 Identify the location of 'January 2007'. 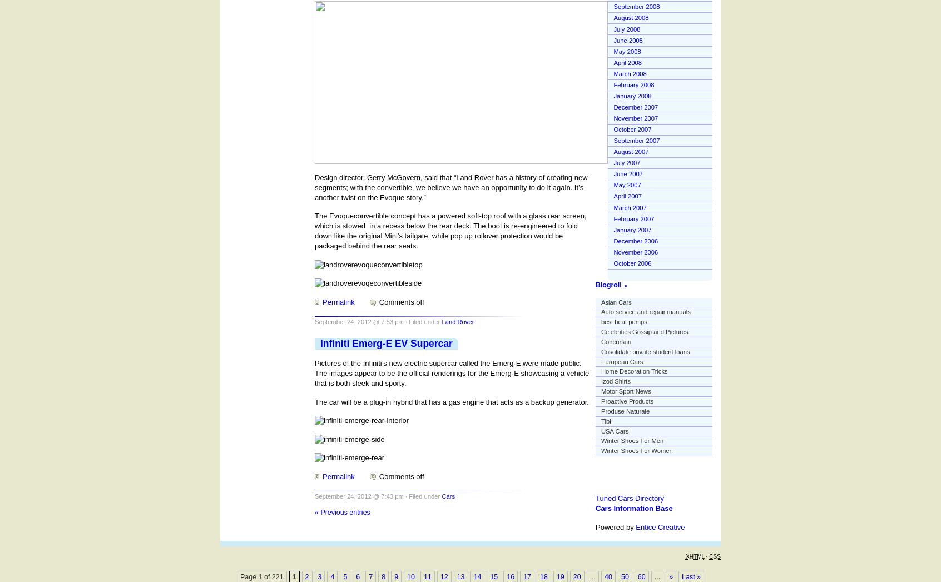
(632, 229).